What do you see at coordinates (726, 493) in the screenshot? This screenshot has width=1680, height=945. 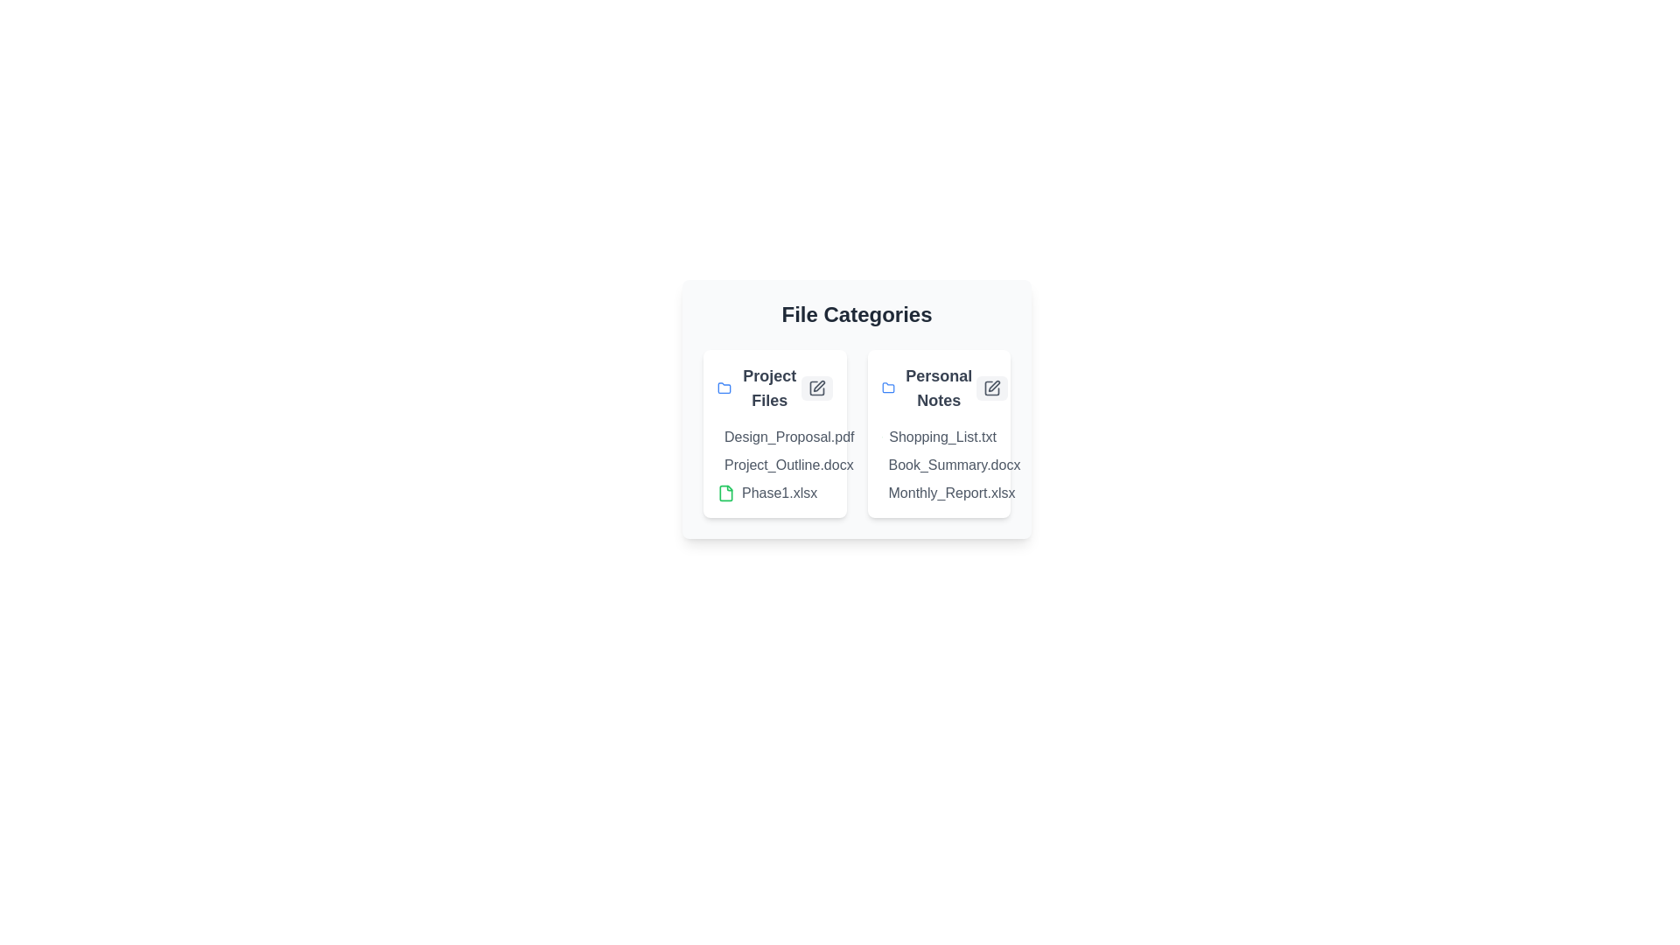 I see `the document icon corresponding to Phase1.xlsx` at bounding box center [726, 493].